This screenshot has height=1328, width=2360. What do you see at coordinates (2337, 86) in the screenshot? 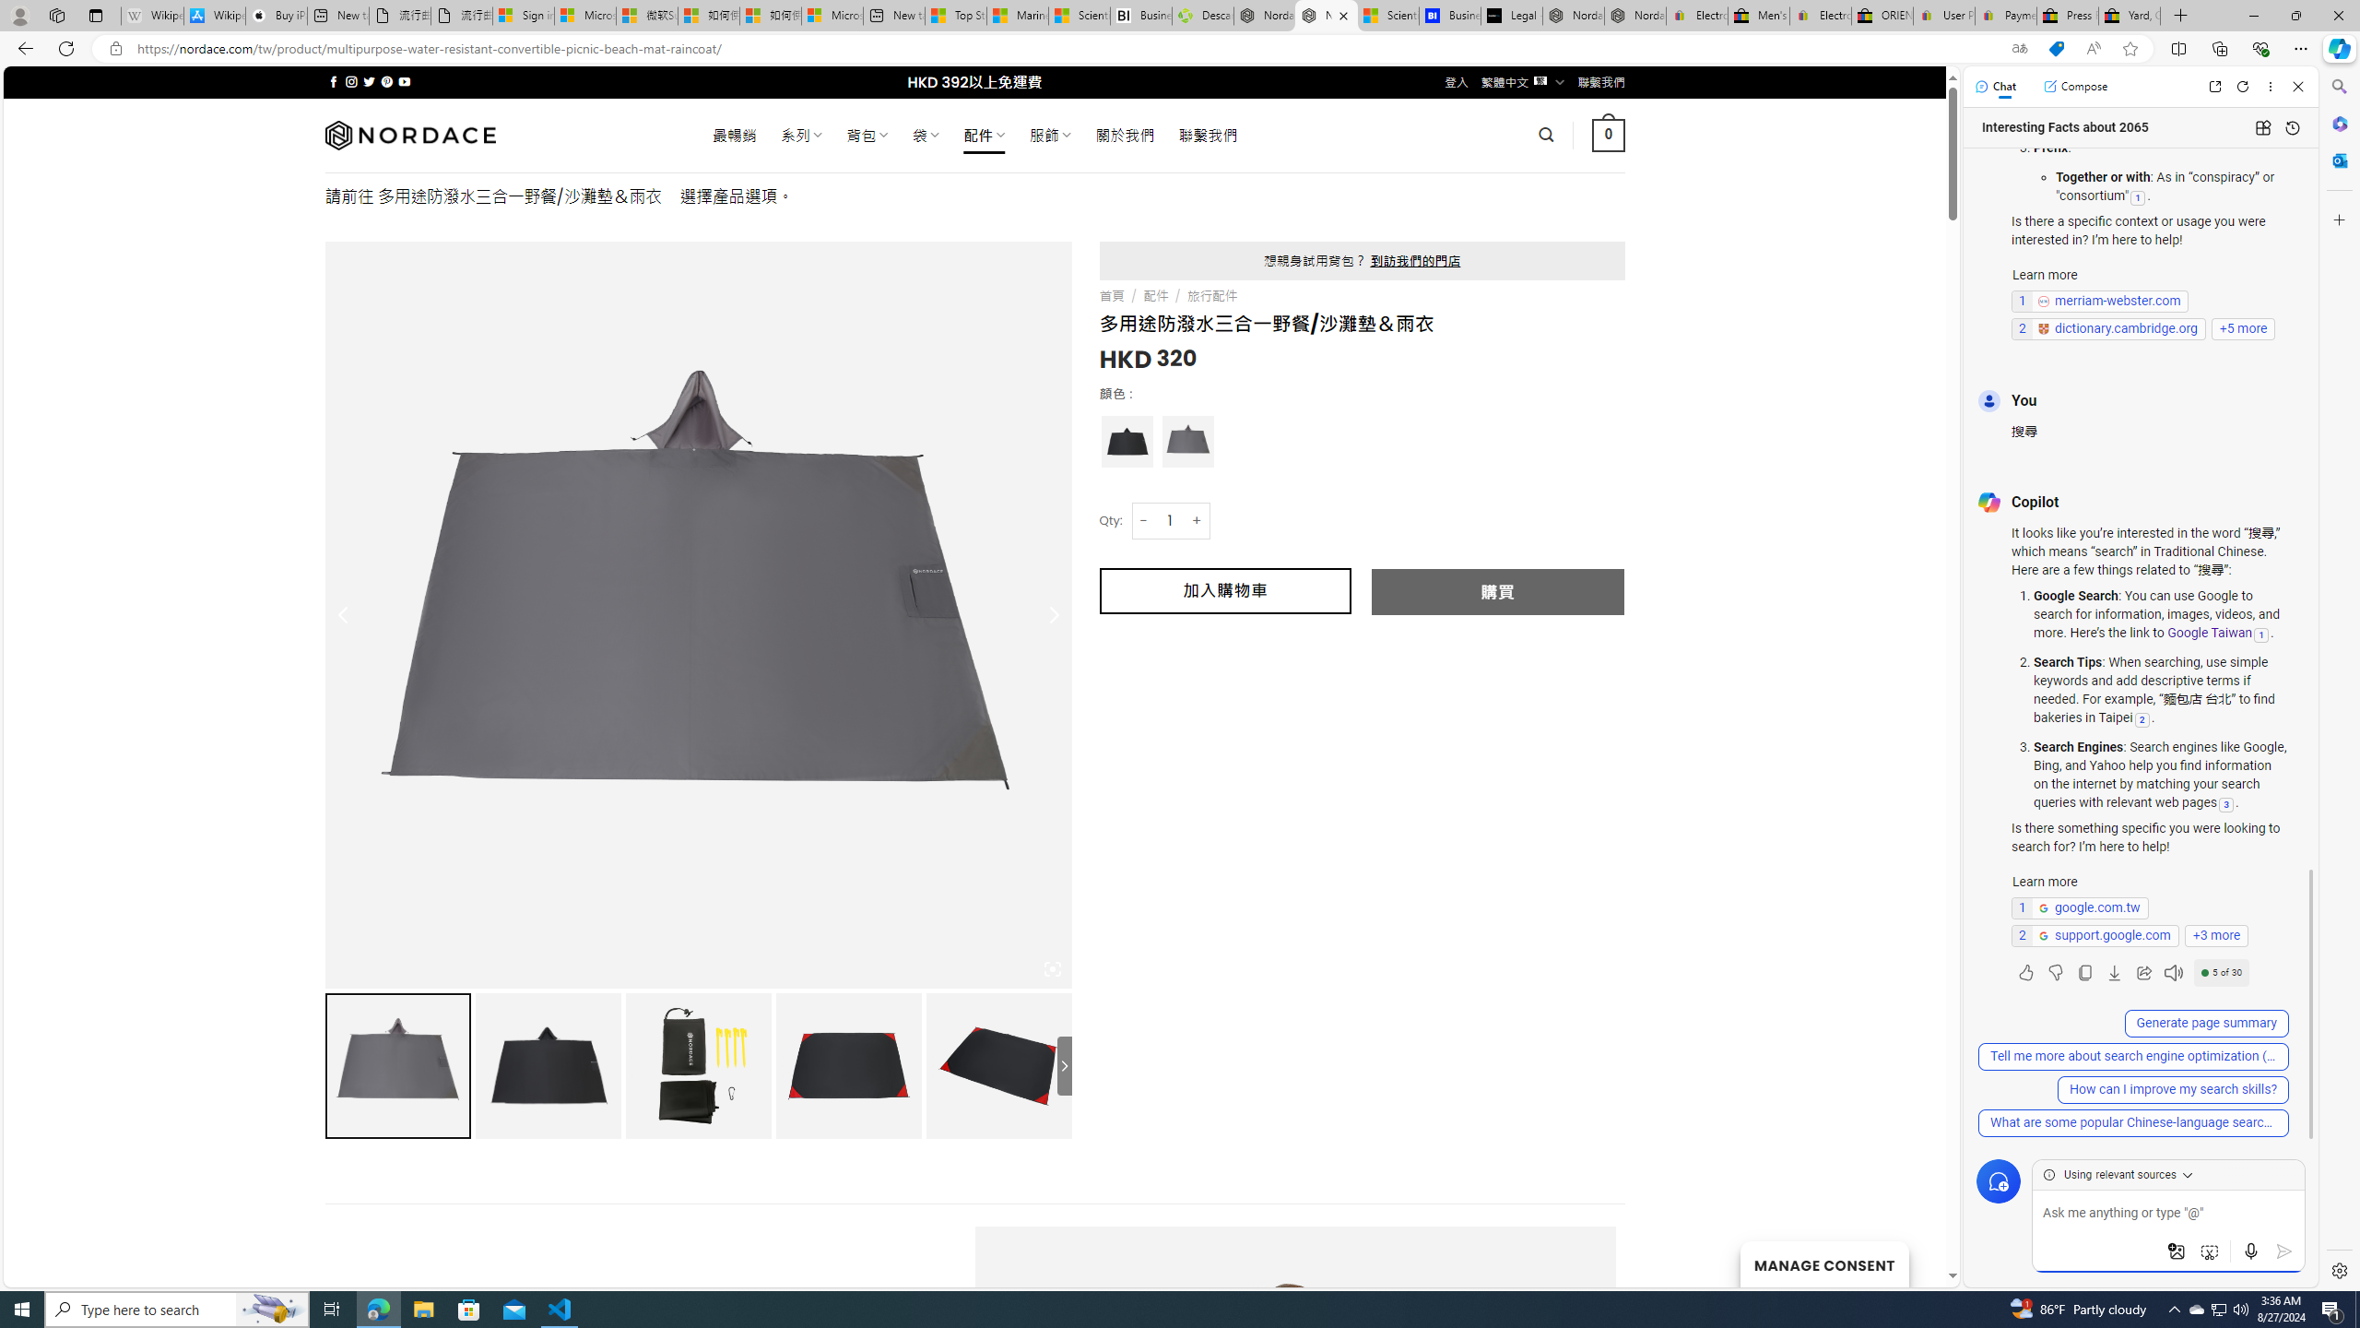
I see `'Minimize Search pane'` at bounding box center [2337, 86].